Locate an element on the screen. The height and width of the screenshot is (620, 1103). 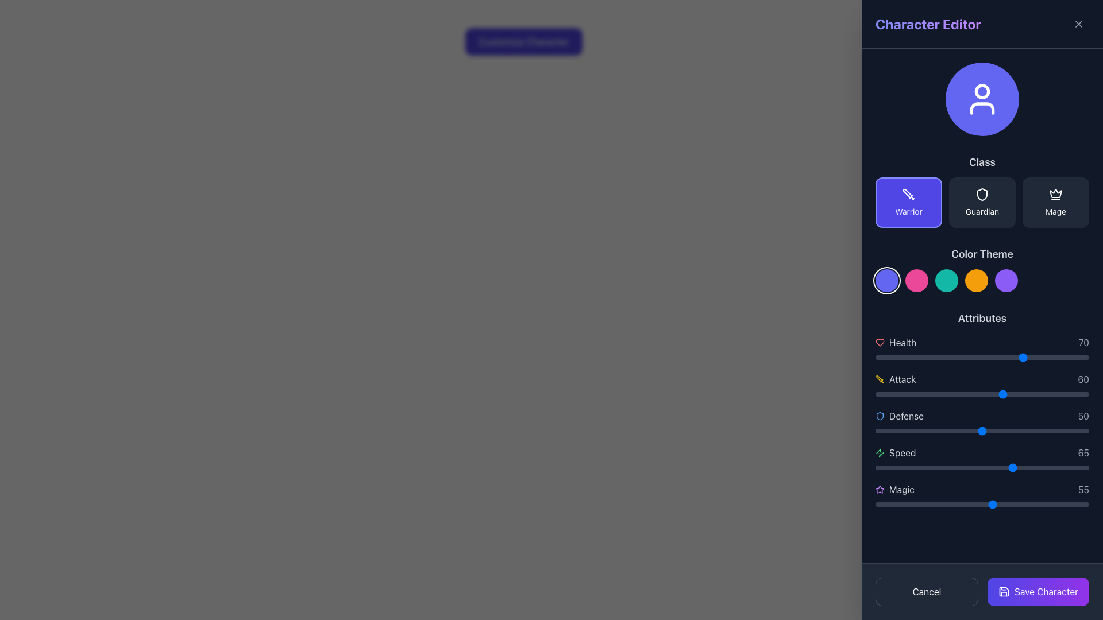
health value is located at coordinates (907, 357).